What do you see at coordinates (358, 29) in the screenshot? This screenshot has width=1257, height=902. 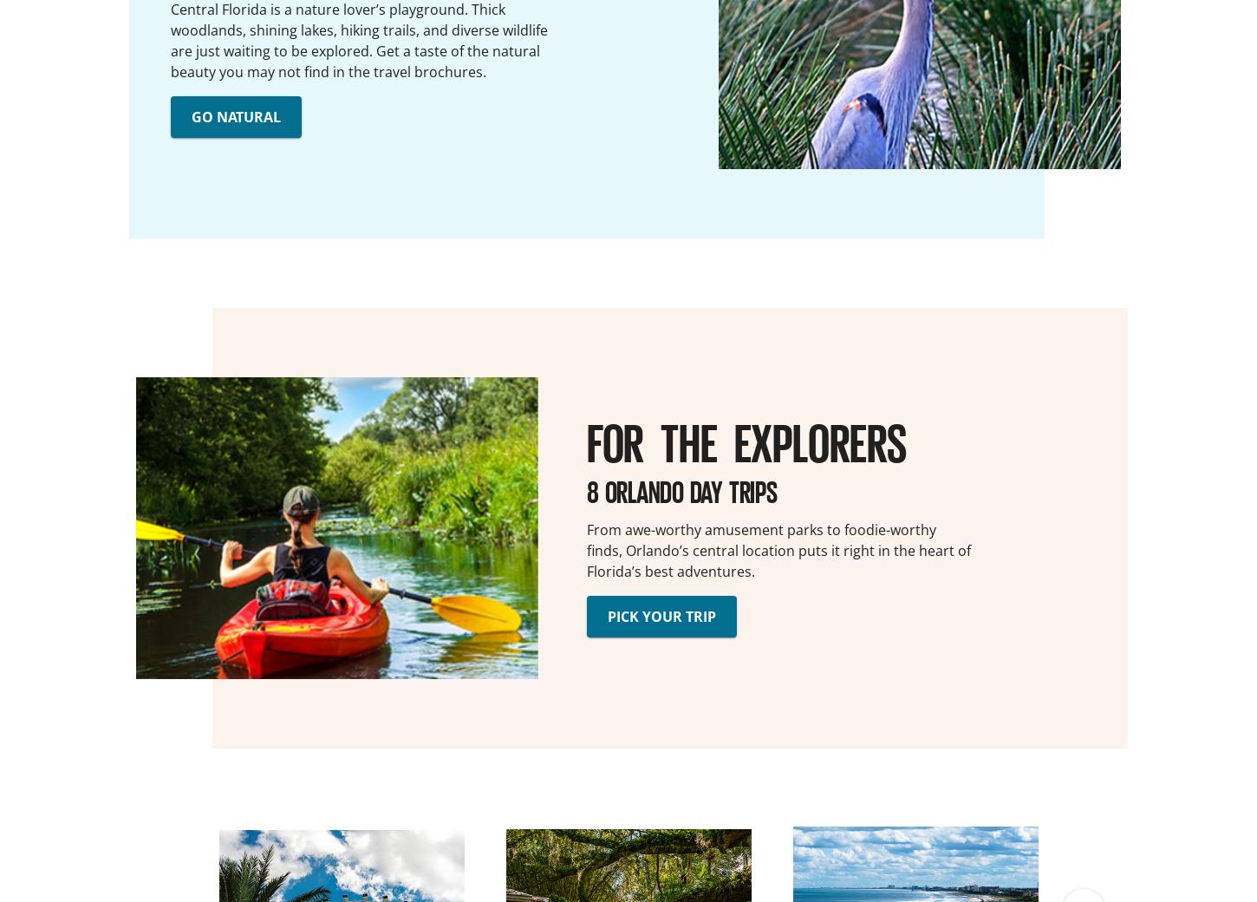 I see `'woodlands, shining lakes, hiking trails, and diverse wildlife'` at bounding box center [358, 29].